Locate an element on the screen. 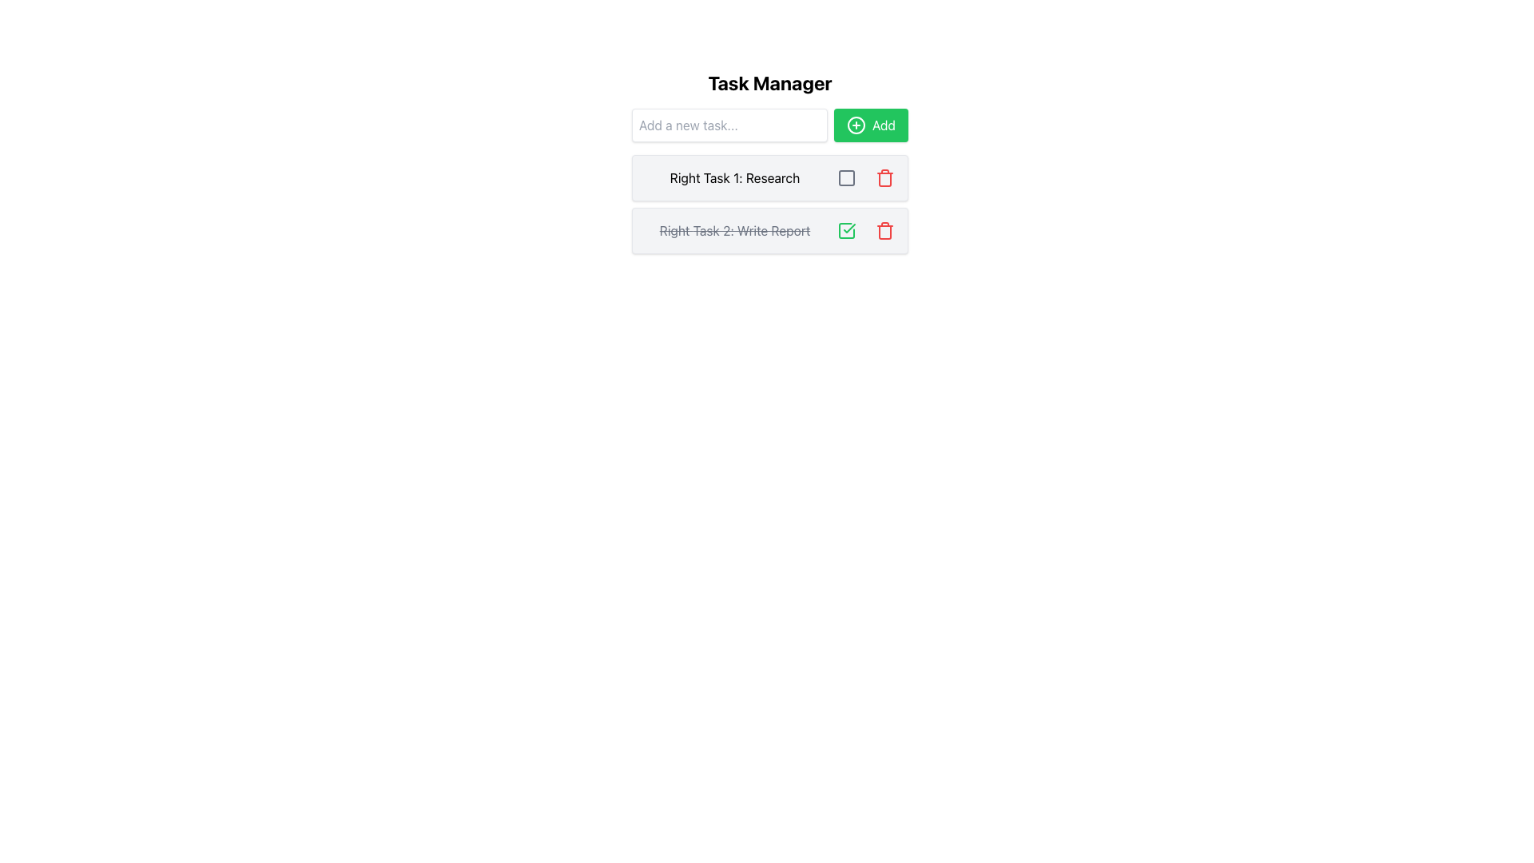  the Text Label displaying 'Right Task 2: Write Report' with strikethrough styling and gray color, which is part of the second task in the task list is located at coordinates (734, 231).